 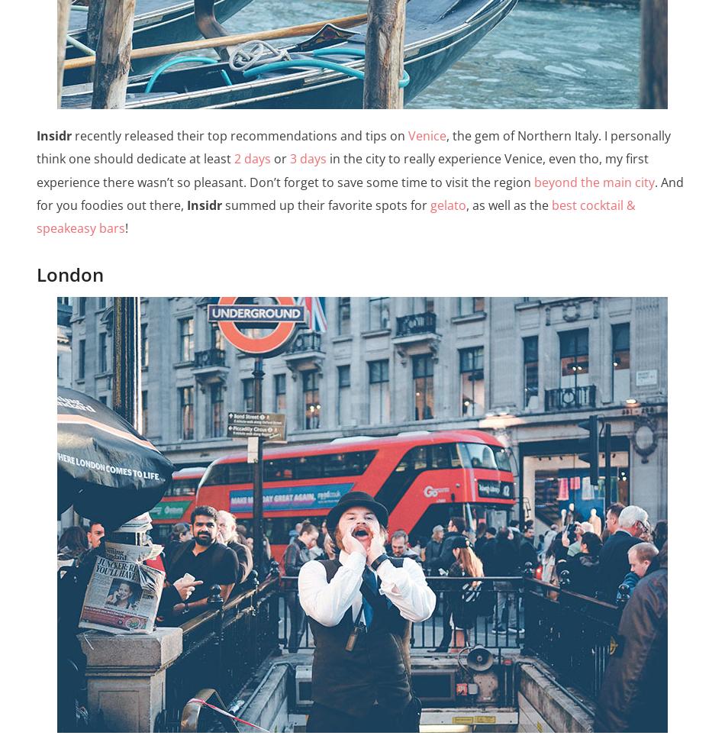 What do you see at coordinates (334, 216) in the screenshot?
I see `'best cocktail & speakeasy bars'` at bounding box center [334, 216].